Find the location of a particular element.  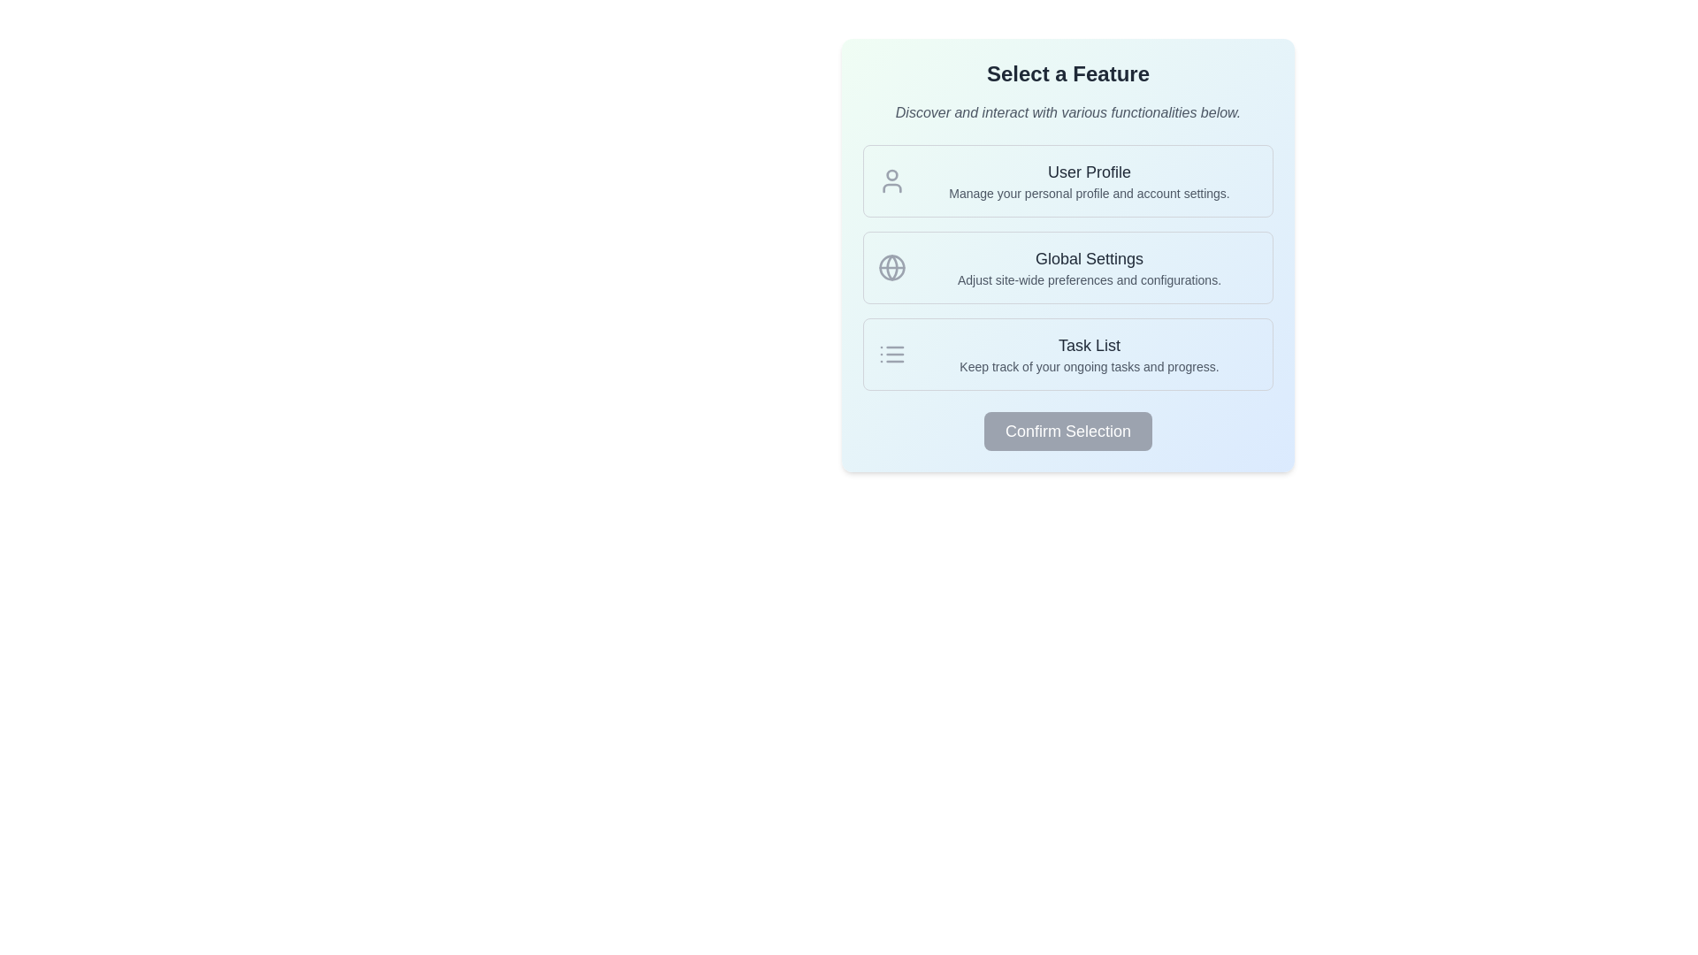

the user profile icon, which is visually linked with the 'User Profile' text and description, located in the upper-left area of the 'User Profile' section is located at coordinates (891, 180).